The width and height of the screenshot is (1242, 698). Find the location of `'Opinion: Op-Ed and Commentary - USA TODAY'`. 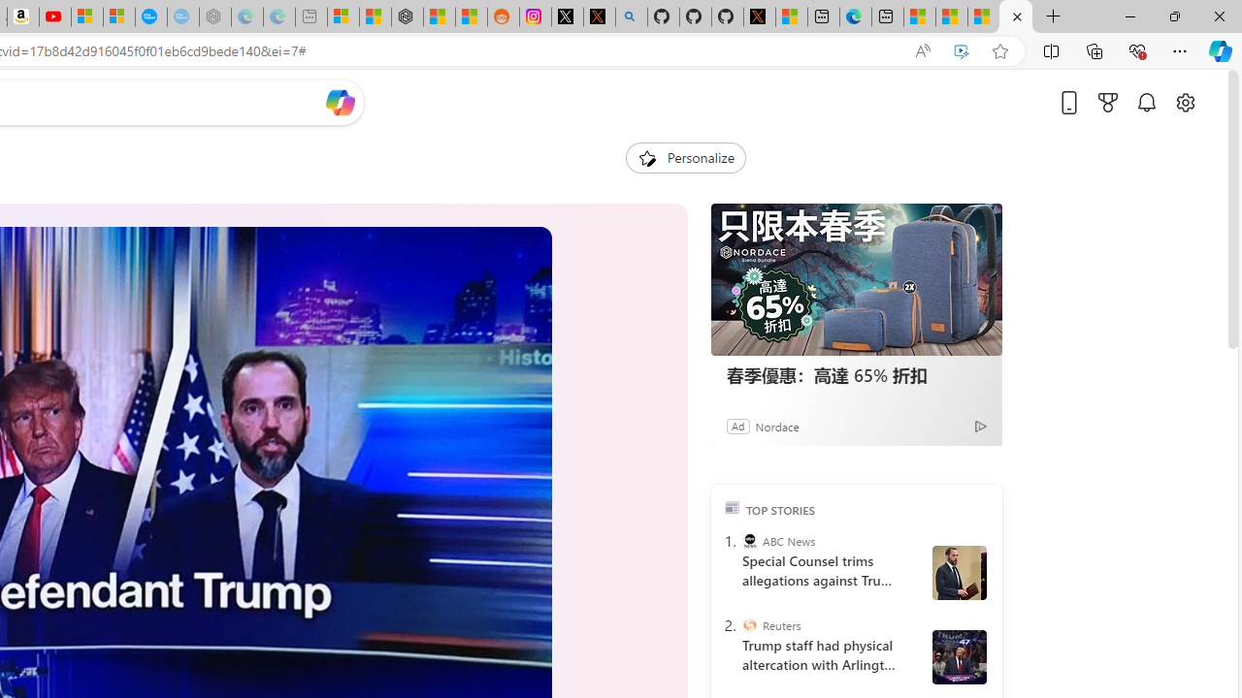

'Opinion: Op-Ed and Commentary - USA TODAY' is located at coordinates (149, 16).